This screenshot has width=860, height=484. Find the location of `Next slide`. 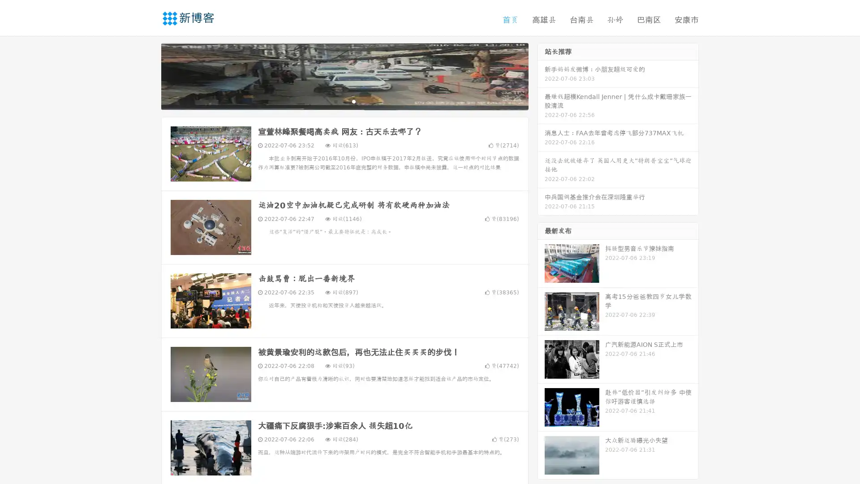

Next slide is located at coordinates (541, 75).